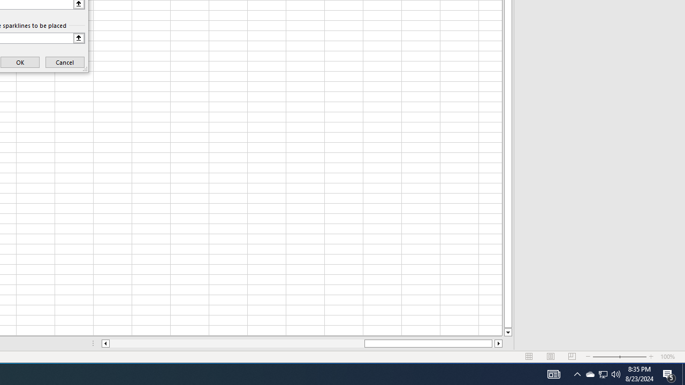  Describe the element at coordinates (551, 357) in the screenshot. I see `'Page Layout'` at that location.